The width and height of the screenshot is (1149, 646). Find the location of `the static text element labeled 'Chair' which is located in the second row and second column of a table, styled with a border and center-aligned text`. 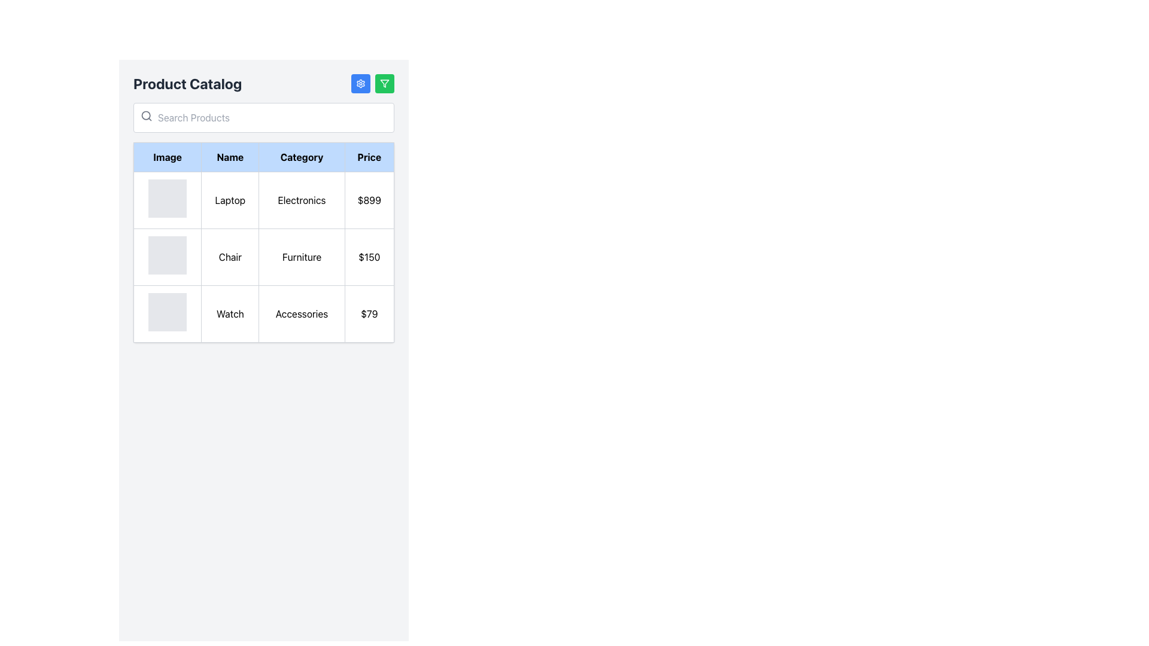

the static text element labeled 'Chair' which is located in the second row and second column of a table, styled with a border and center-aligned text is located at coordinates (230, 256).